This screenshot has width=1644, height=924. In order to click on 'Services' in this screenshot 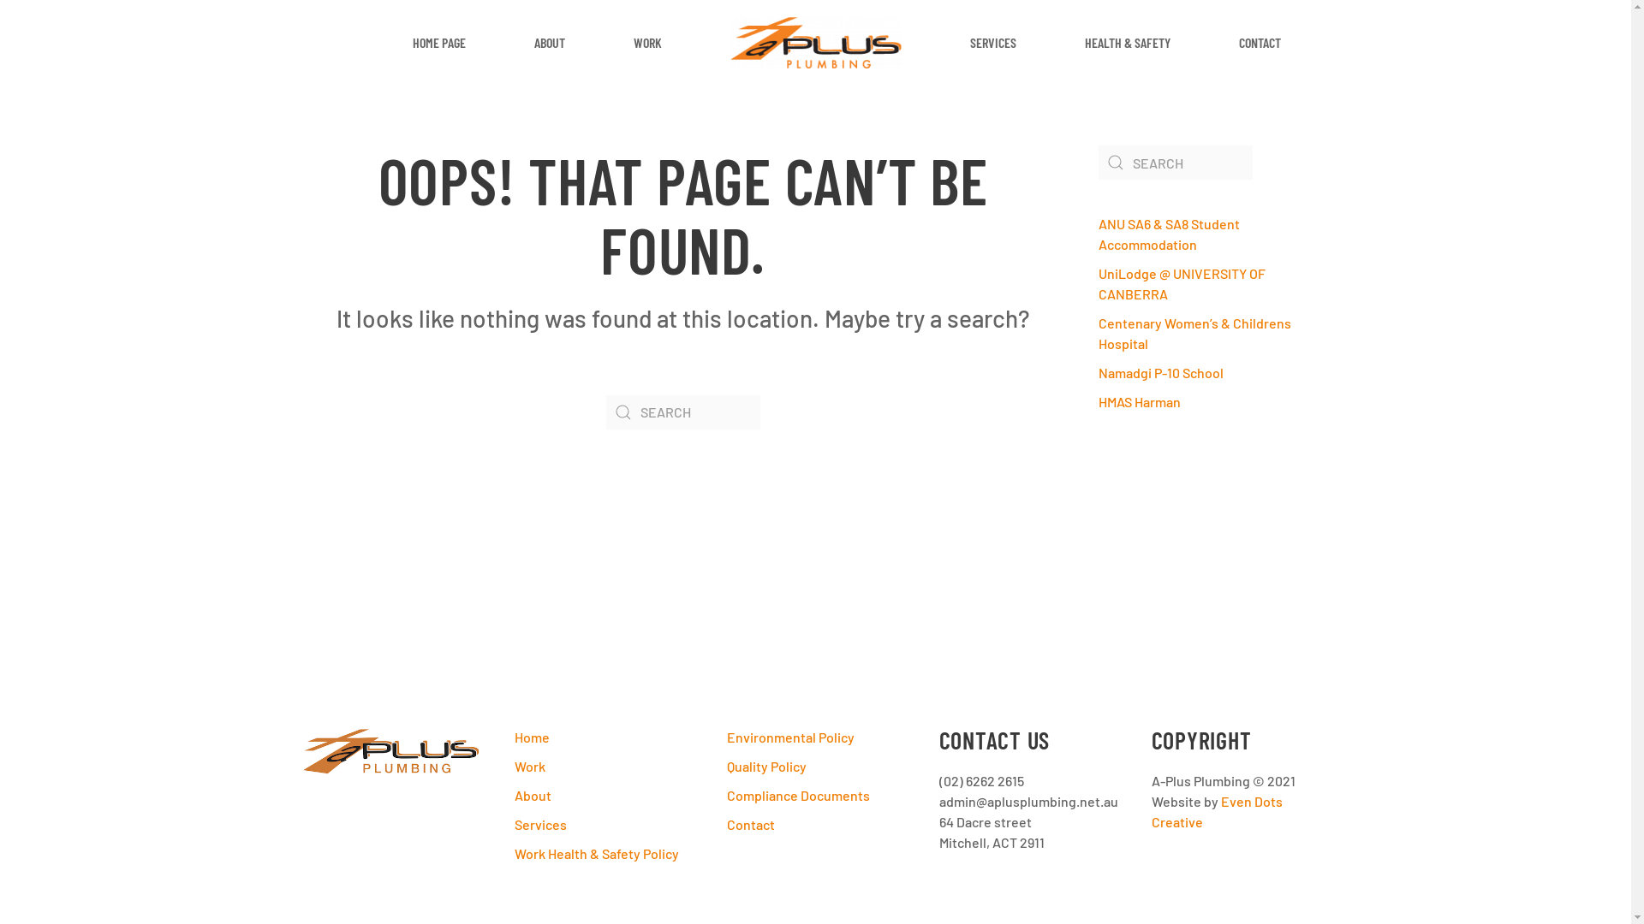, I will do `click(513, 824)`.